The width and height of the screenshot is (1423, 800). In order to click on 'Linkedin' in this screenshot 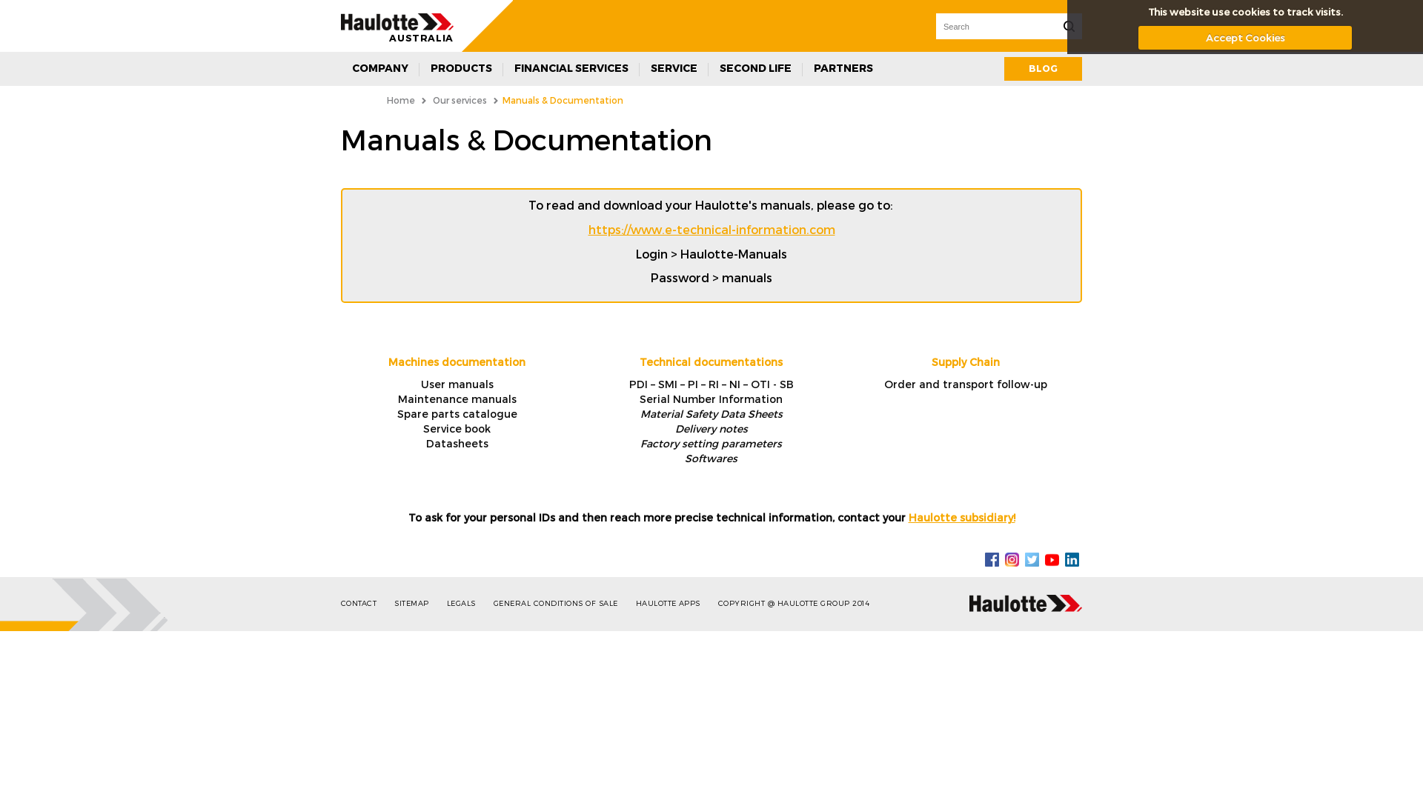, I will do `click(1064, 558)`.